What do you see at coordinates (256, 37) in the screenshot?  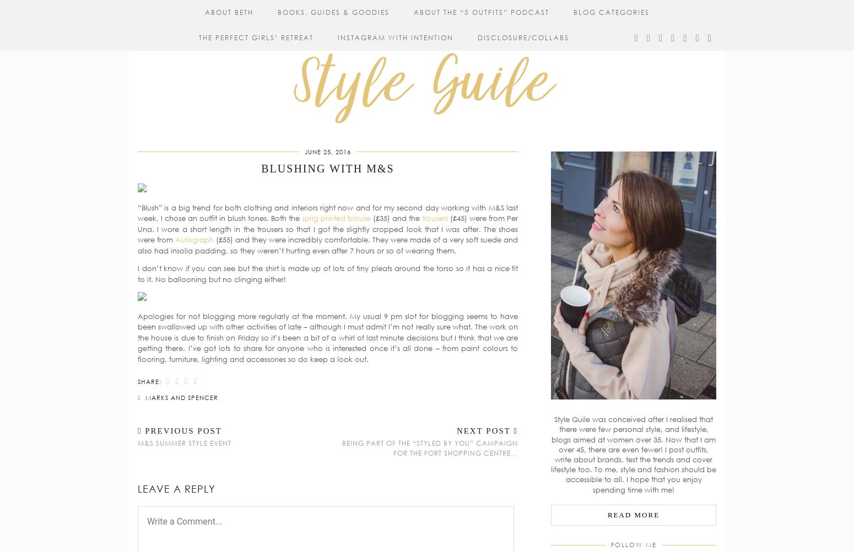 I see `'The Perfect Girls’ Retreat'` at bounding box center [256, 37].